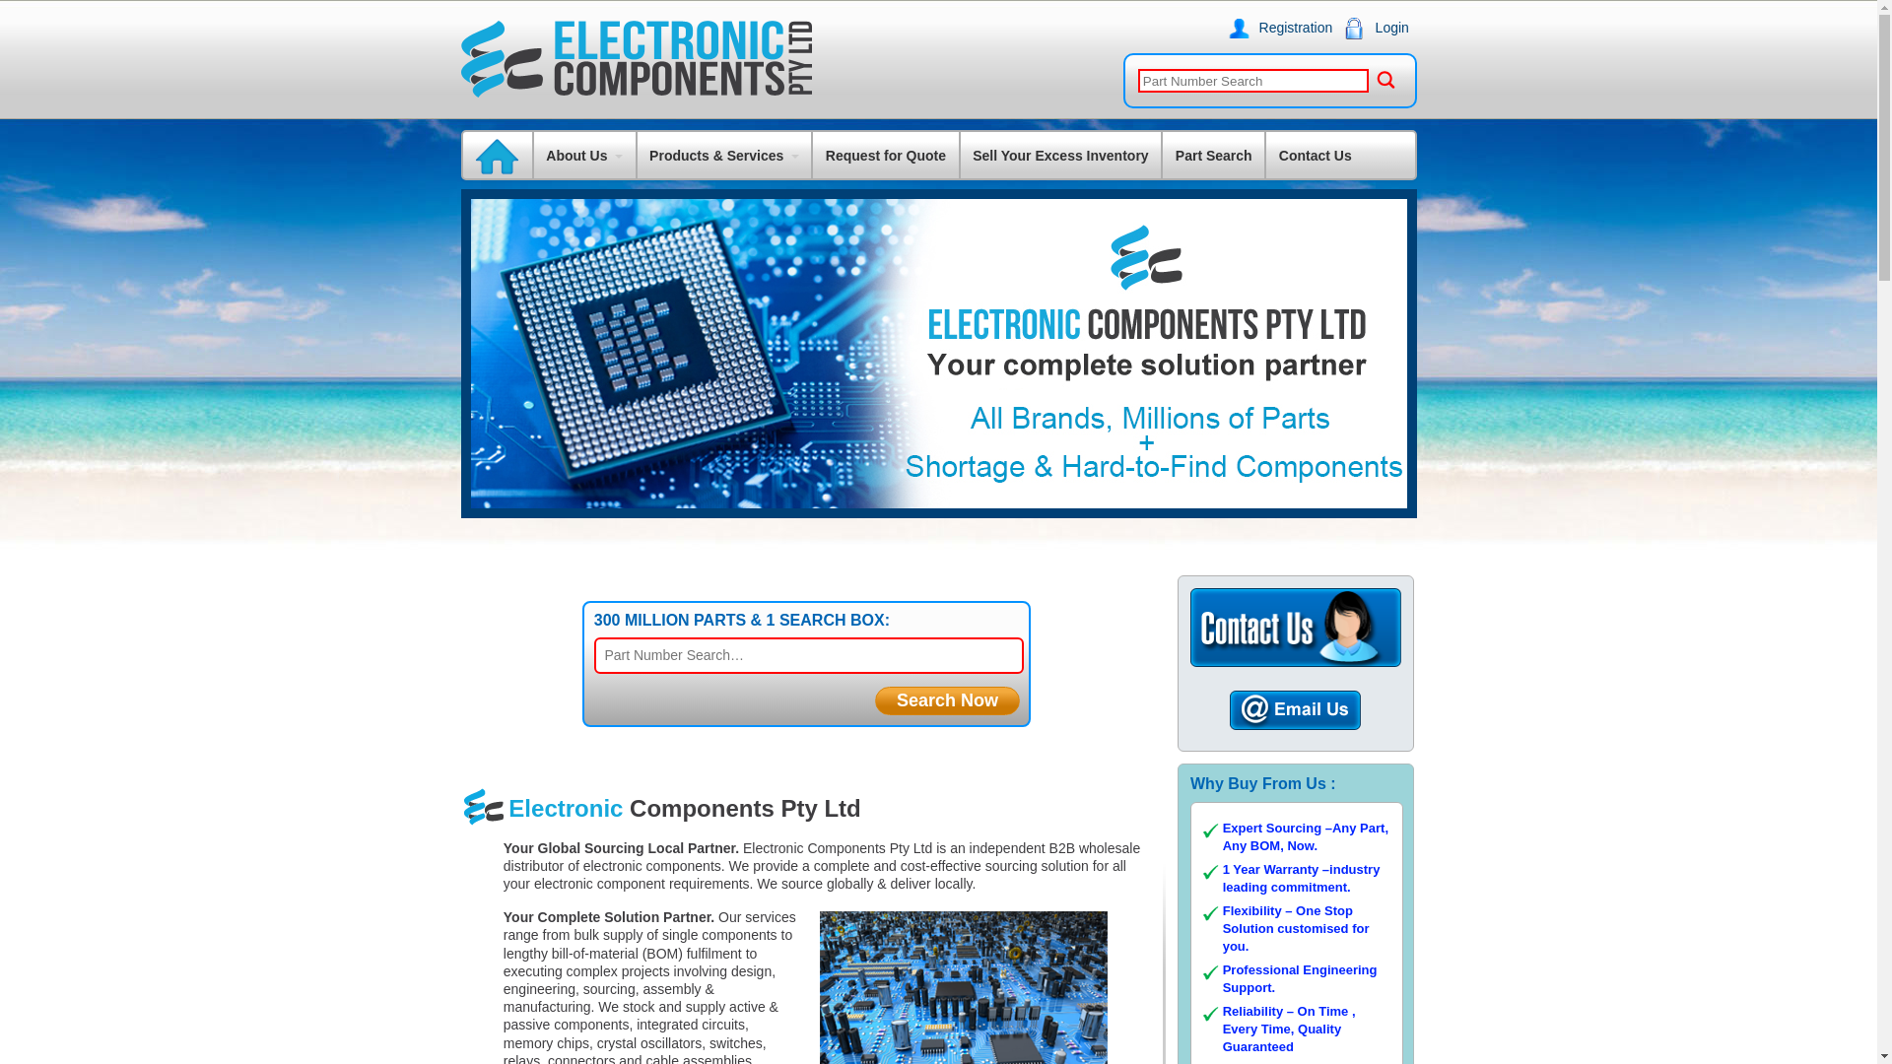  I want to click on 'Search Now', so click(947, 699).